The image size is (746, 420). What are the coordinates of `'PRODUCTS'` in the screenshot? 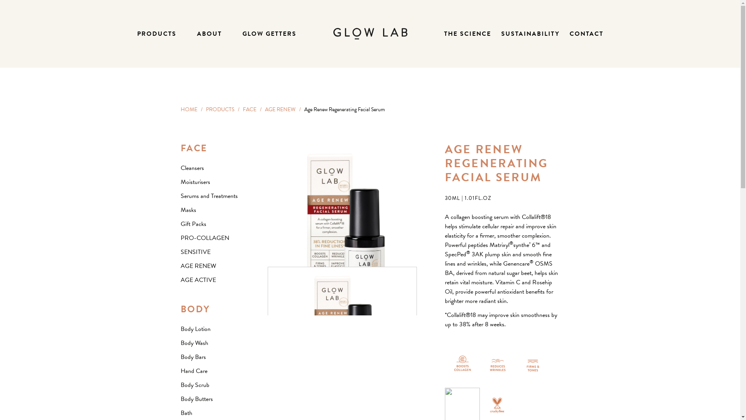 It's located at (156, 33).